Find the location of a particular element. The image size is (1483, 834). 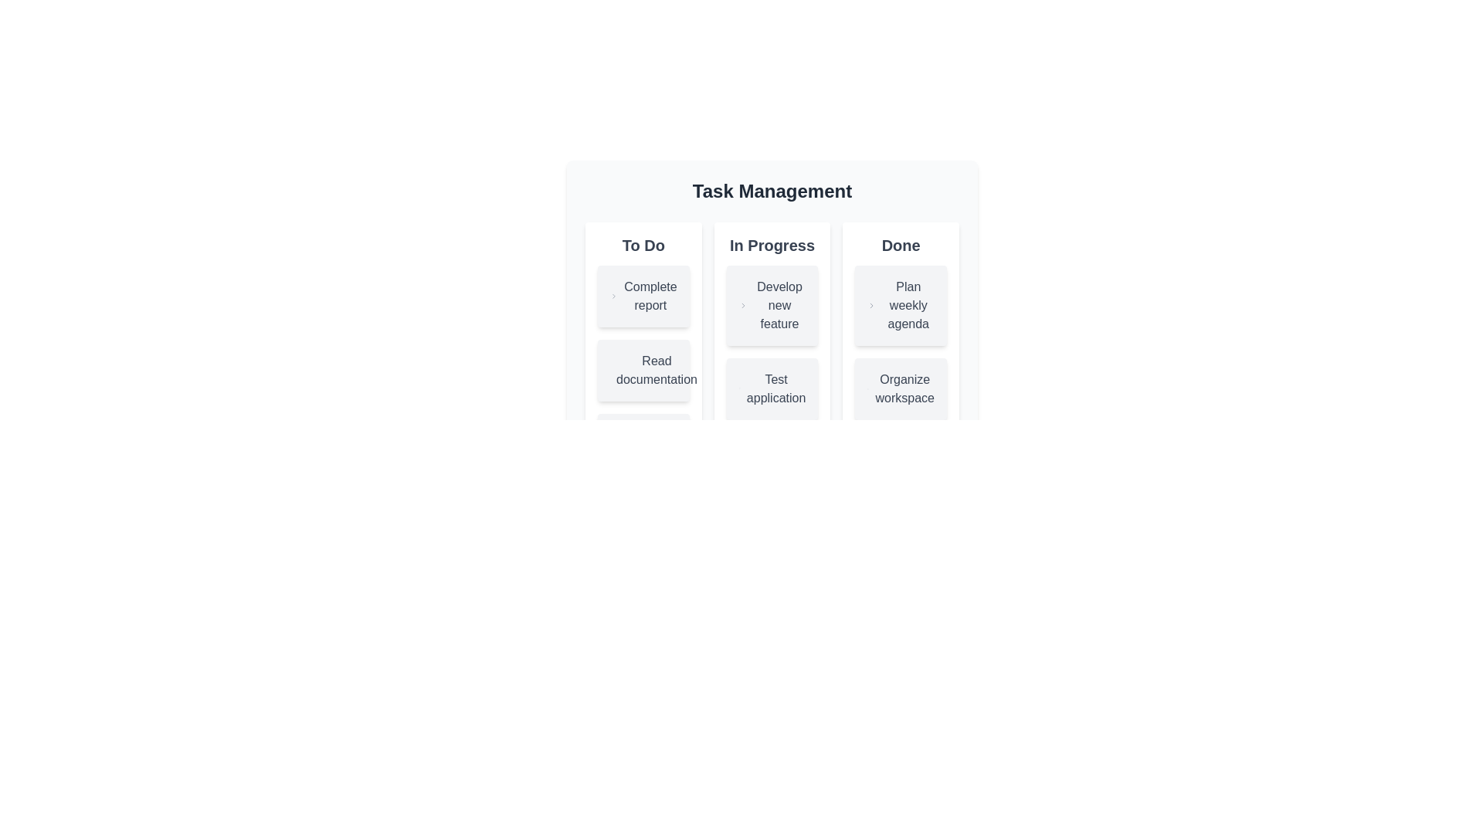

the small graphic arrow pointing right, located in the 'To Do' column beside the 'Read documentation' task to interact with it is located at coordinates (619, 370).